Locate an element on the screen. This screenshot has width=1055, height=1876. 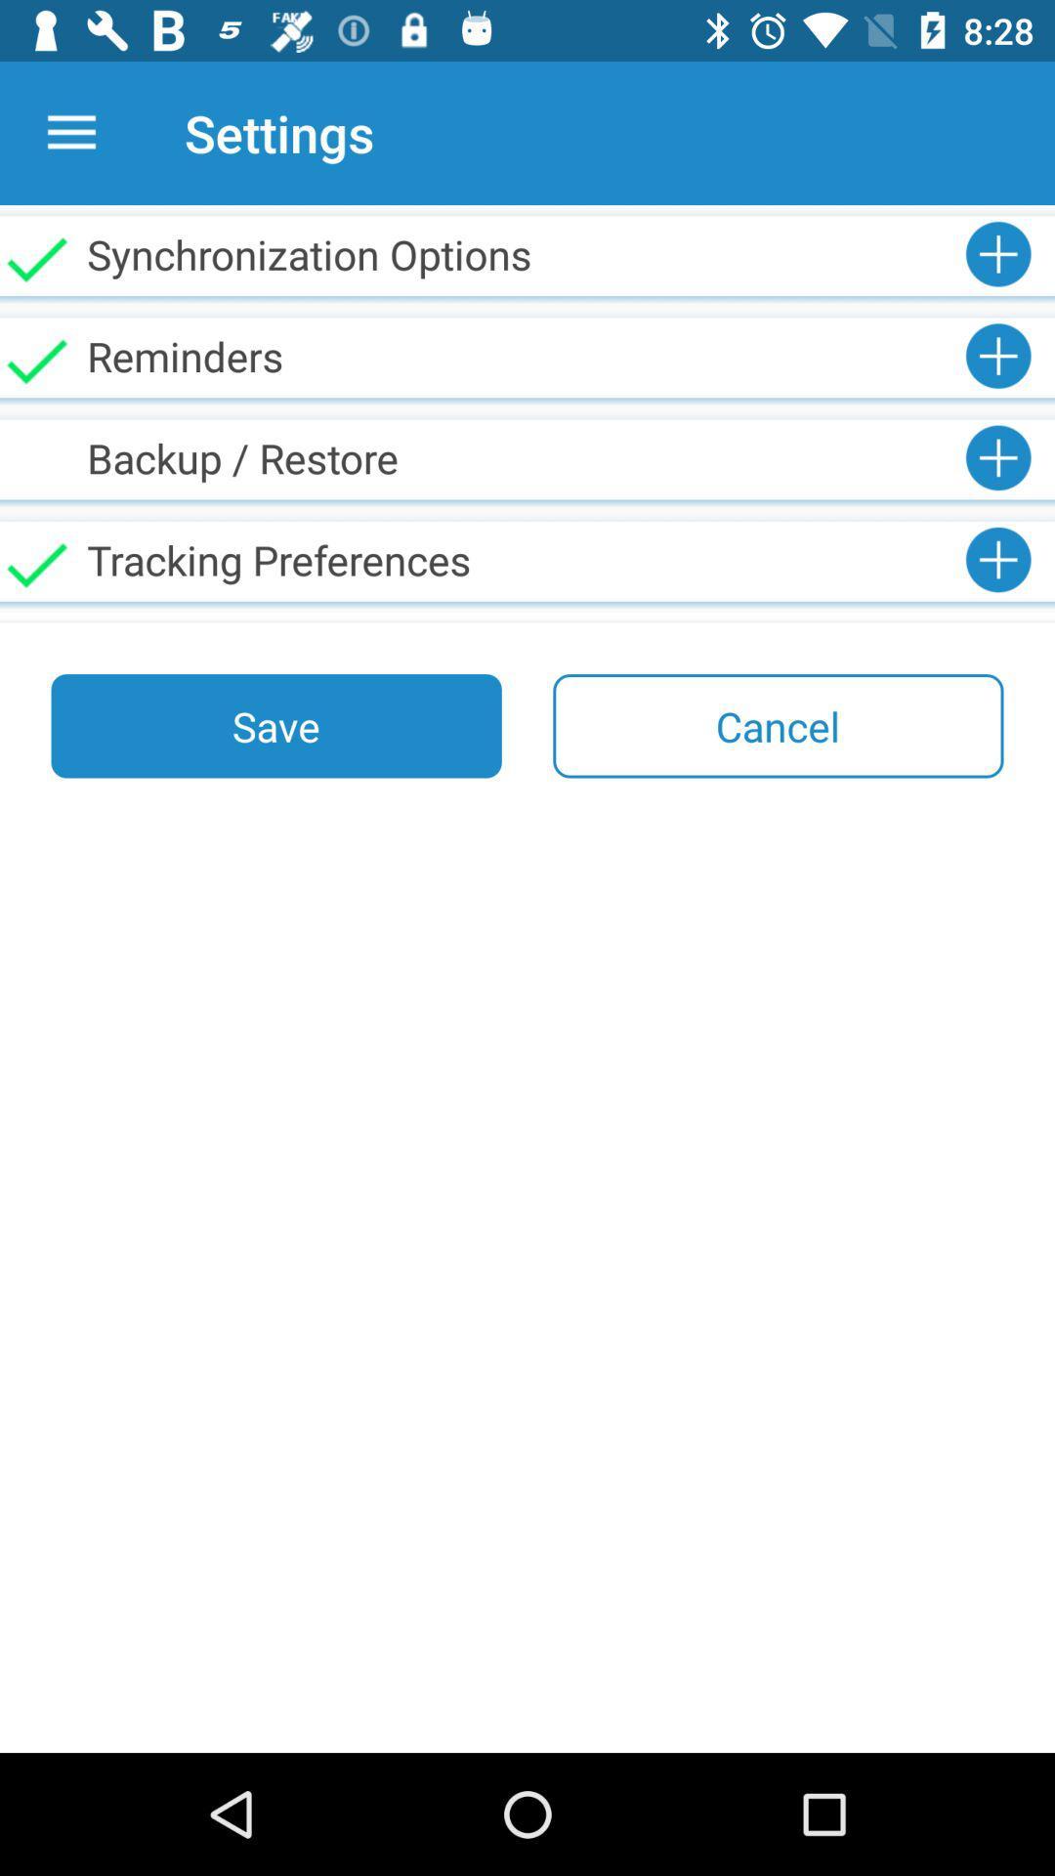
the cancel item is located at coordinates (777, 725).